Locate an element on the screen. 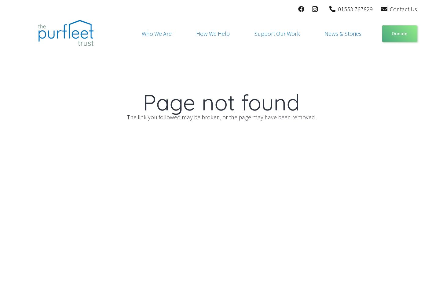 Image resolution: width=443 pixels, height=306 pixels. 'Housing Support' is located at coordinates (294, 73).